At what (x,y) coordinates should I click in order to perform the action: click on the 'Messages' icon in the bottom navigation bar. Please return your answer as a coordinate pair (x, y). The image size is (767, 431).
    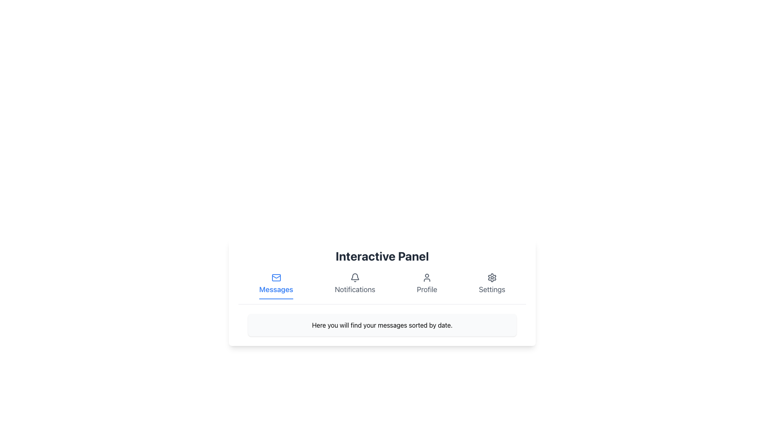
    Looking at the image, I should click on (276, 277).